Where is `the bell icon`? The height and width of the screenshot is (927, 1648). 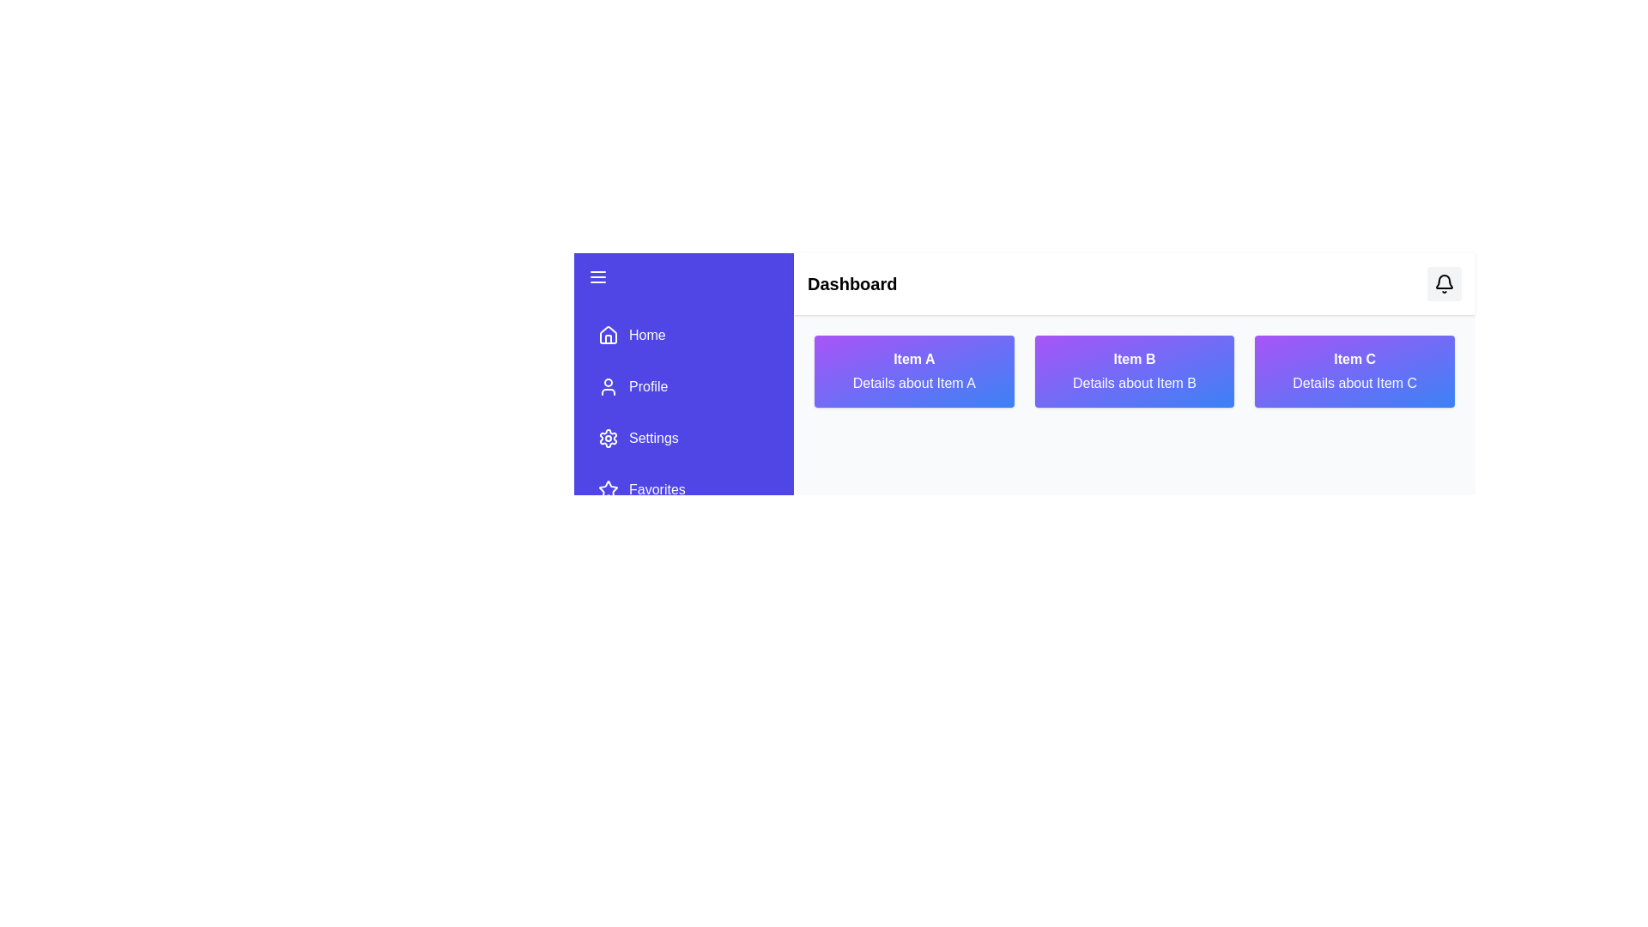 the bell icon is located at coordinates (1444, 283).